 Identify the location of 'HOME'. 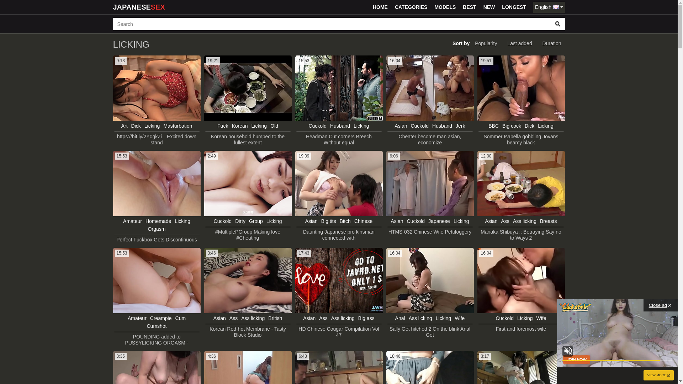
(380, 7).